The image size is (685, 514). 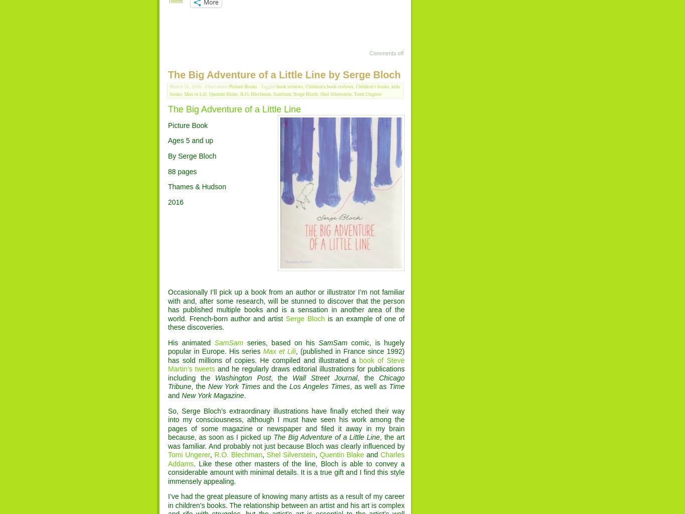 What do you see at coordinates (244, 395) in the screenshot?
I see `'.'` at bounding box center [244, 395].